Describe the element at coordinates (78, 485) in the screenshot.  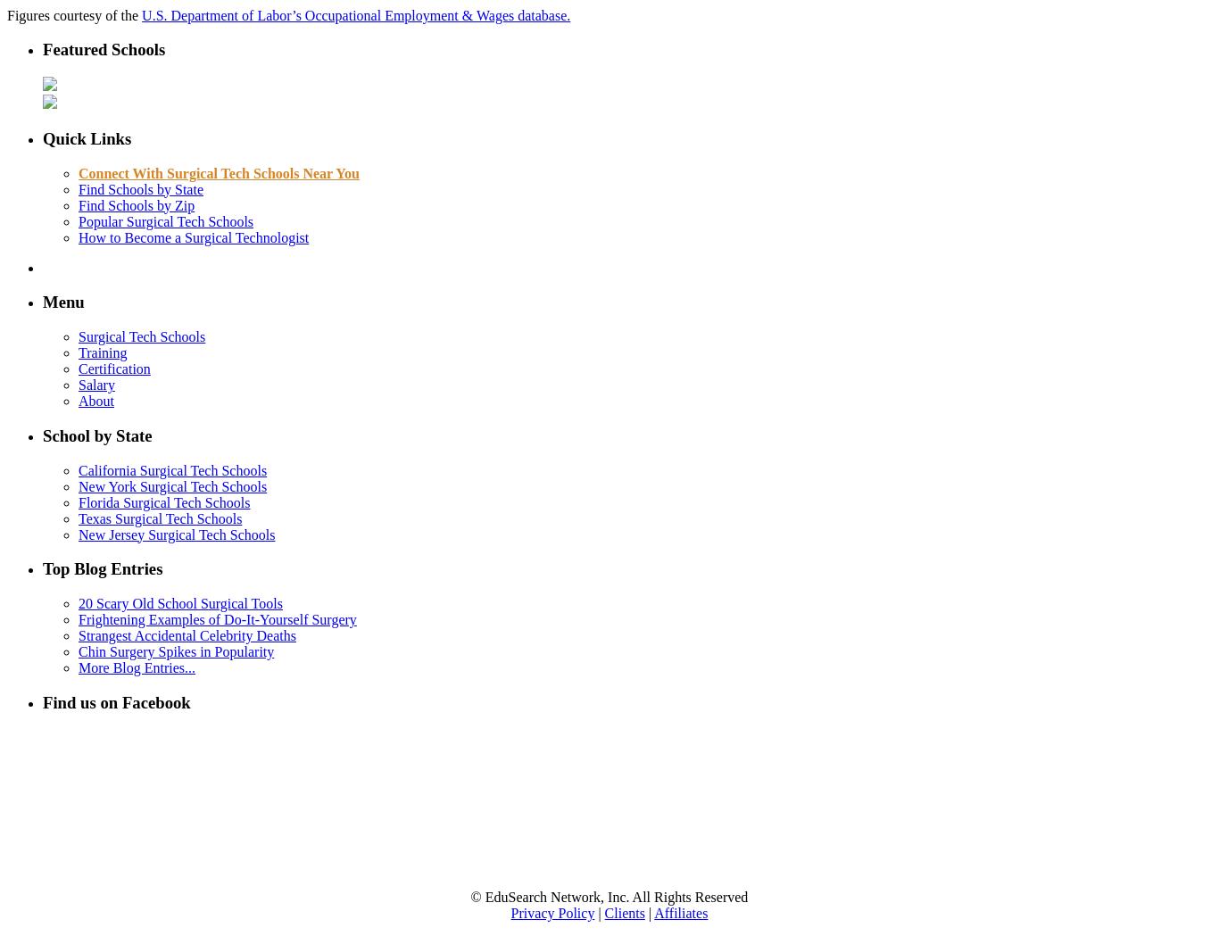
I see `'New York Surgical Tech Schools'` at that location.